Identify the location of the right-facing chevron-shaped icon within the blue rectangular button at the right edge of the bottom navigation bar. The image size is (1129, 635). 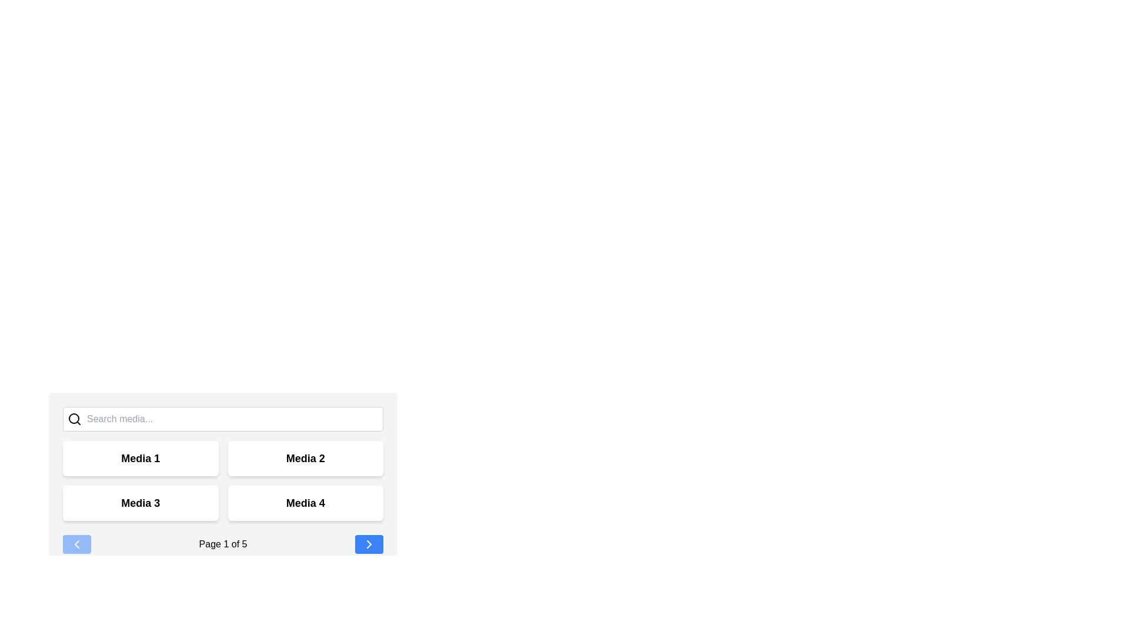
(369, 544).